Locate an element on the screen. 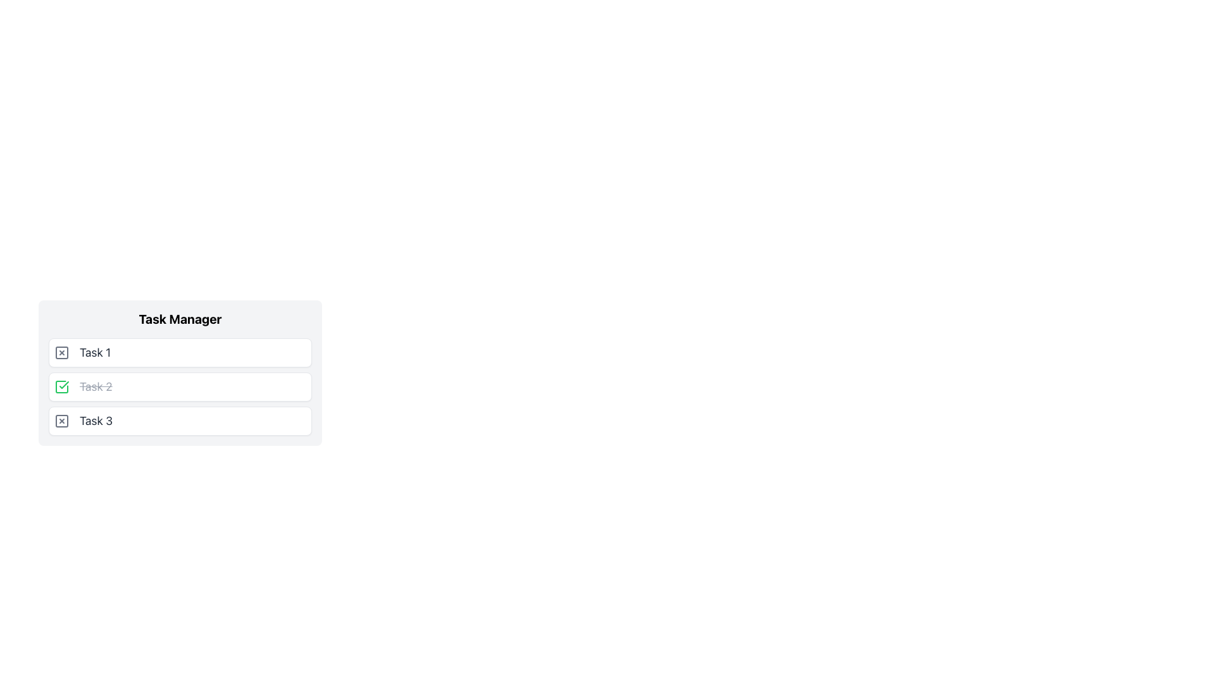 Image resolution: width=1215 pixels, height=683 pixels. the text label displaying 'Task 1' which is styled with a large font size and dark gray color, located within a task entry in a task manager is located at coordinates (94, 353).